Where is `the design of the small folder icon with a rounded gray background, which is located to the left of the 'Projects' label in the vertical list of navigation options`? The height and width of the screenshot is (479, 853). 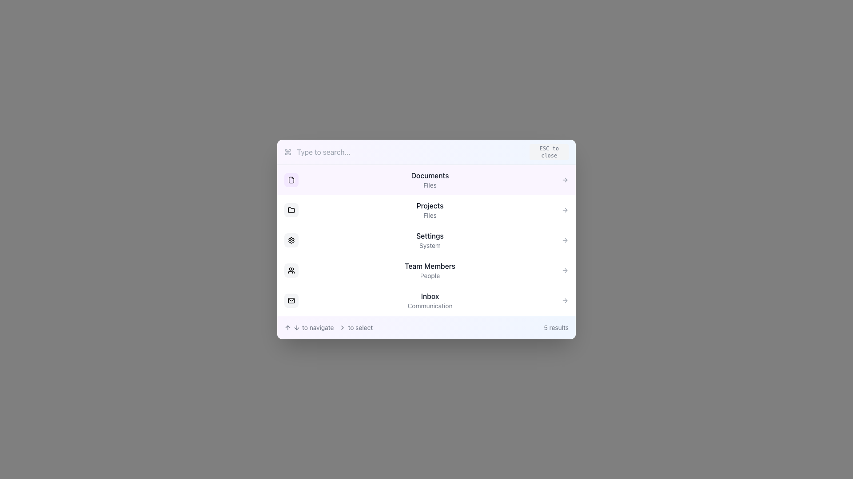
the design of the small folder icon with a rounded gray background, which is located to the left of the 'Projects' label in the vertical list of navigation options is located at coordinates (291, 210).